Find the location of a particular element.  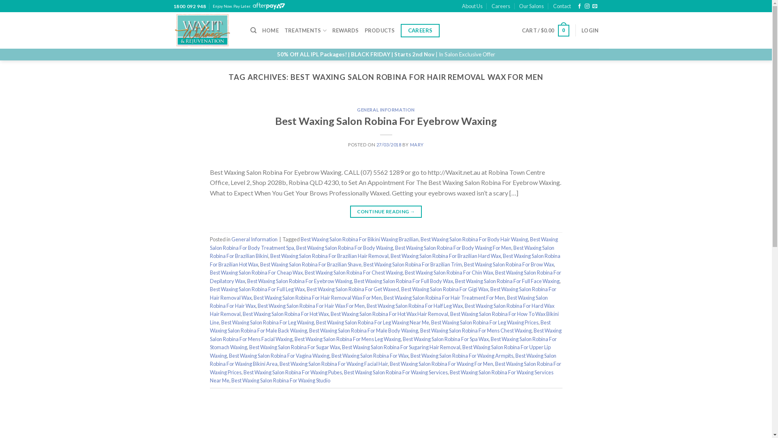

'Best Waxing Salon Robina For Waxing Armpits' is located at coordinates (461, 355).